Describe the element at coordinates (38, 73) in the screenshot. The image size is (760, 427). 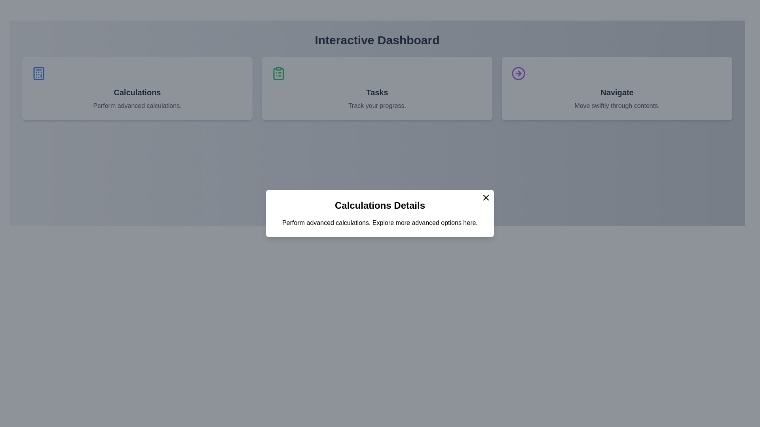
I see `the display area of the calculator icon located at the top-left of the 'Calculations' card, which is a blue-gray rectangular shape with slightly rounded corners` at that location.